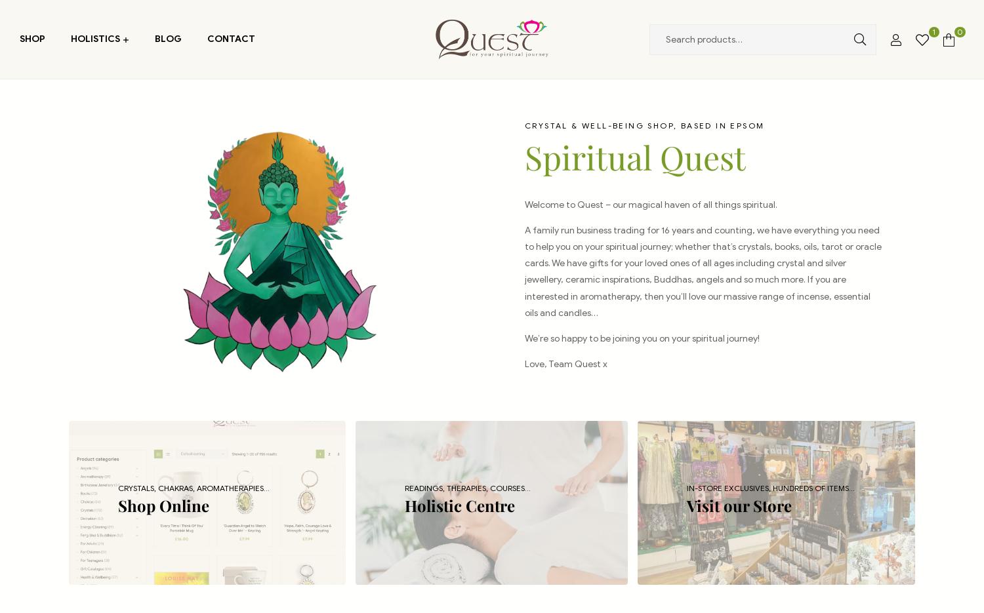  Describe the element at coordinates (770, 487) in the screenshot. I see `'In-Store Exclusives, Hundreds of Items...'` at that location.